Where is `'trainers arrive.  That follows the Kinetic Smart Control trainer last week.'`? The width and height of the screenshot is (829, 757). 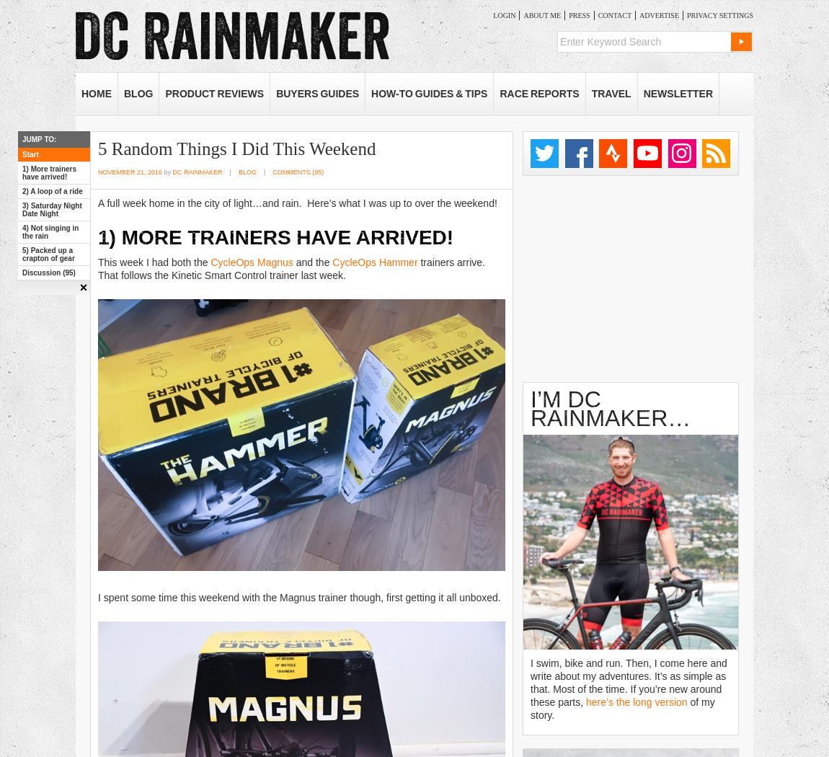
'trainers arrive.  That follows the Kinetic Smart Control trainer last week.' is located at coordinates (292, 267).